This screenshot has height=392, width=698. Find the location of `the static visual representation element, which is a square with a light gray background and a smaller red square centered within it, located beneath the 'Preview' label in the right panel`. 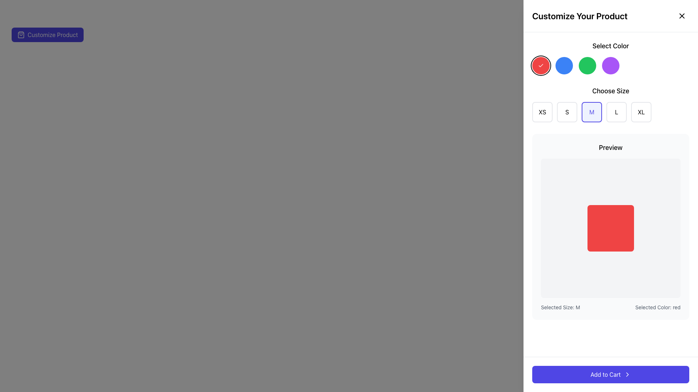

the static visual representation element, which is a square with a light gray background and a smaller red square centered within it, located beneath the 'Preview' label in the right panel is located at coordinates (611, 228).